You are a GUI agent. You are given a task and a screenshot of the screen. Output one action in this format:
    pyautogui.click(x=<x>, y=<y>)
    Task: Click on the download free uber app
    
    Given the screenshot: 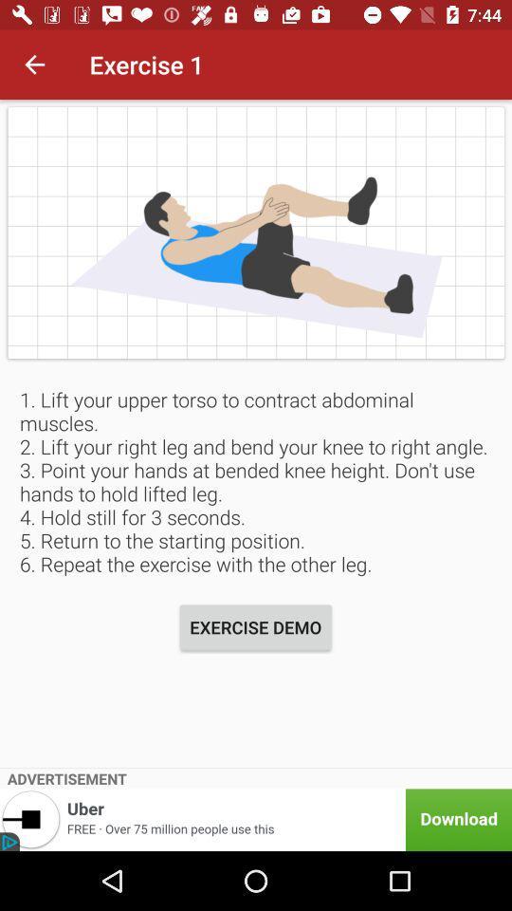 What is the action you would take?
    pyautogui.click(x=256, y=819)
    